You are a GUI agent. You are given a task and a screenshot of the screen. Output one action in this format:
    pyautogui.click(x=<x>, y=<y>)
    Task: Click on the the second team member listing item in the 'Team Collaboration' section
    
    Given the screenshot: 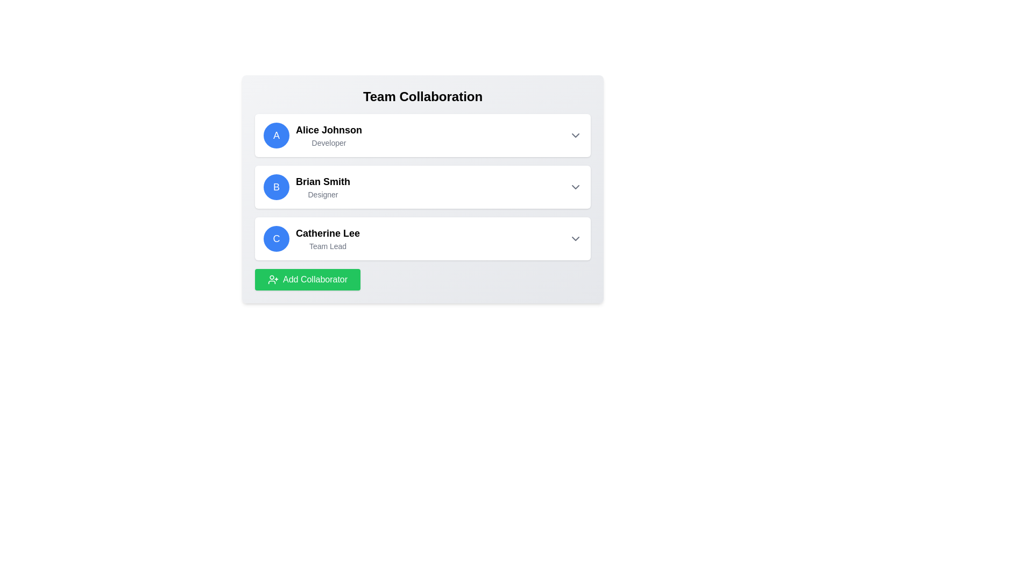 What is the action you would take?
    pyautogui.click(x=306, y=186)
    